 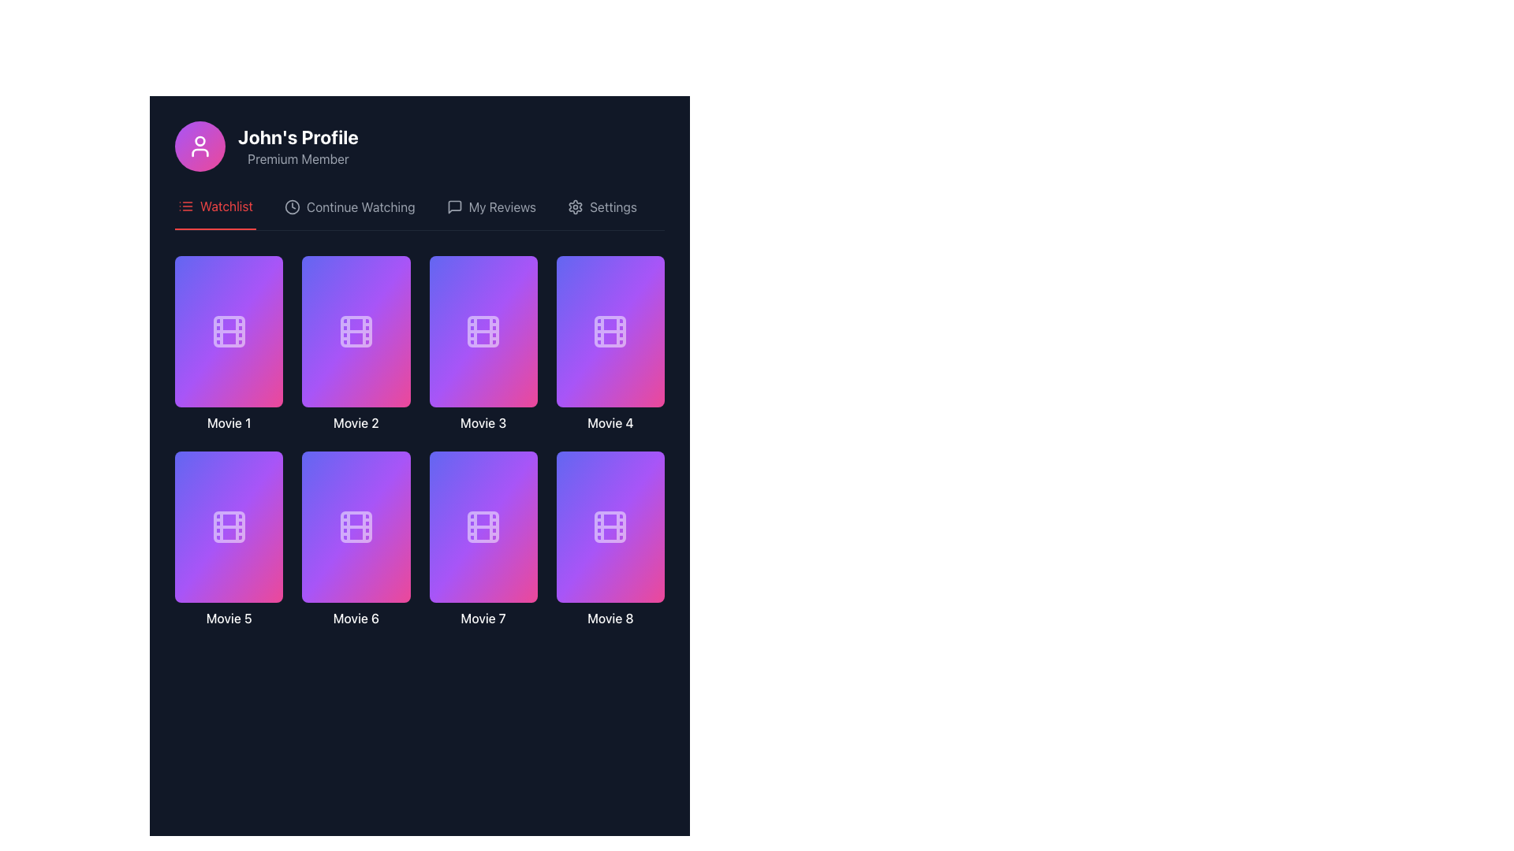 What do you see at coordinates (355, 330) in the screenshot?
I see `the film reel icon located in the second card labeled 'Movie 2' under the 'Watchlist' tab in John's Profile` at bounding box center [355, 330].